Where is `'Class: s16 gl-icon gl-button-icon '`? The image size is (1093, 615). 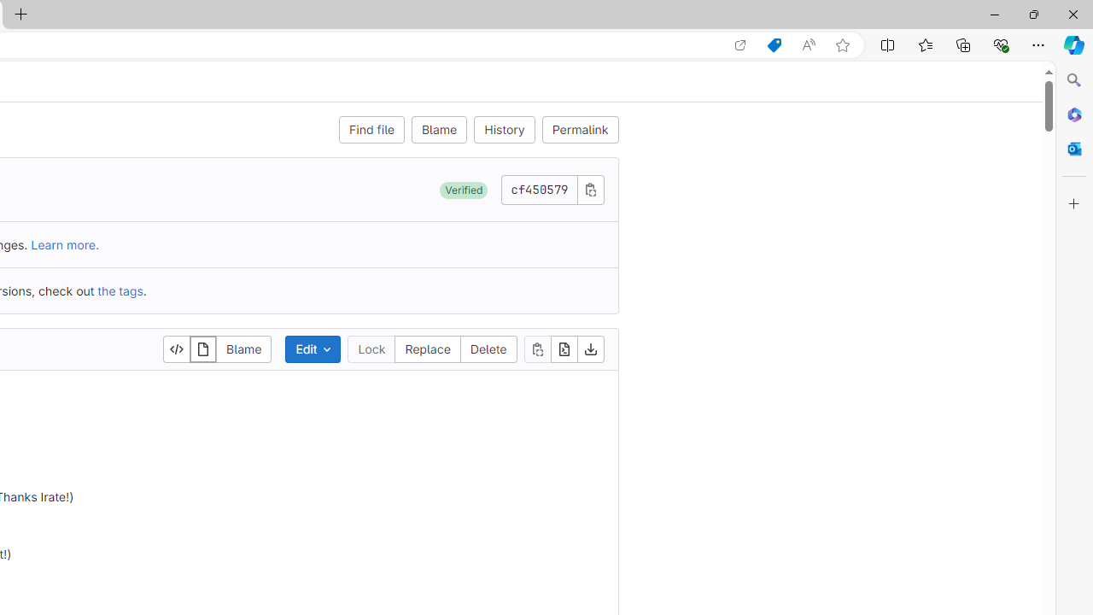
'Class: s16 gl-icon gl-button-icon ' is located at coordinates (590, 189).